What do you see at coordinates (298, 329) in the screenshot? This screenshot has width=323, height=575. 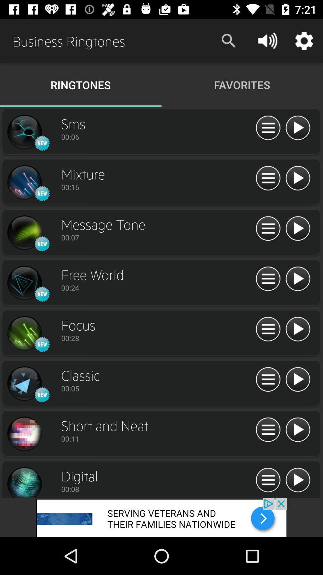 I see `click arrow` at bounding box center [298, 329].